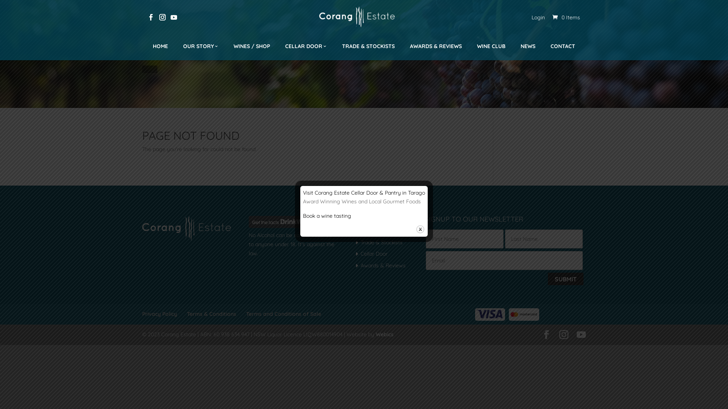 This screenshot has height=409, width=728. Describe the element at coordinates (364, 192) in the screenshot. I see `'Visit Corang Estate Cellar Door & Pantry in Tarago'` at that location.